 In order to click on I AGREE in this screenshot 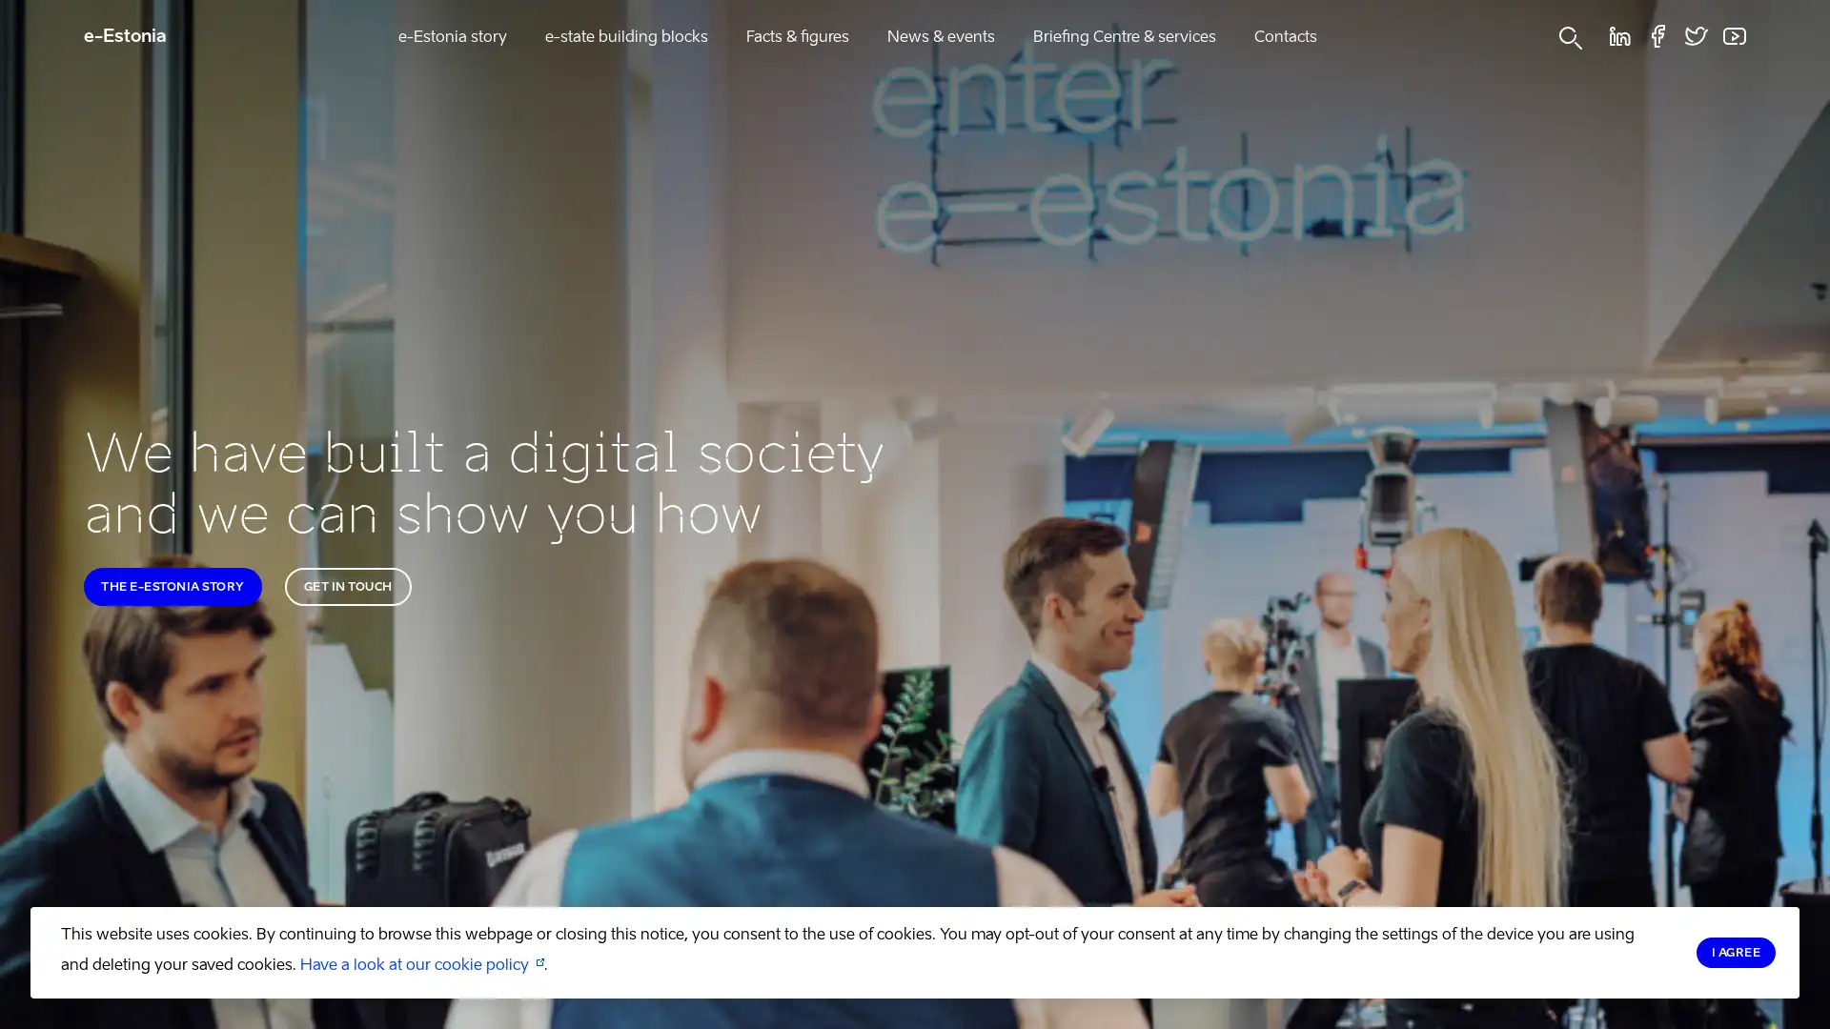, I will do `click(1735, 952)`.